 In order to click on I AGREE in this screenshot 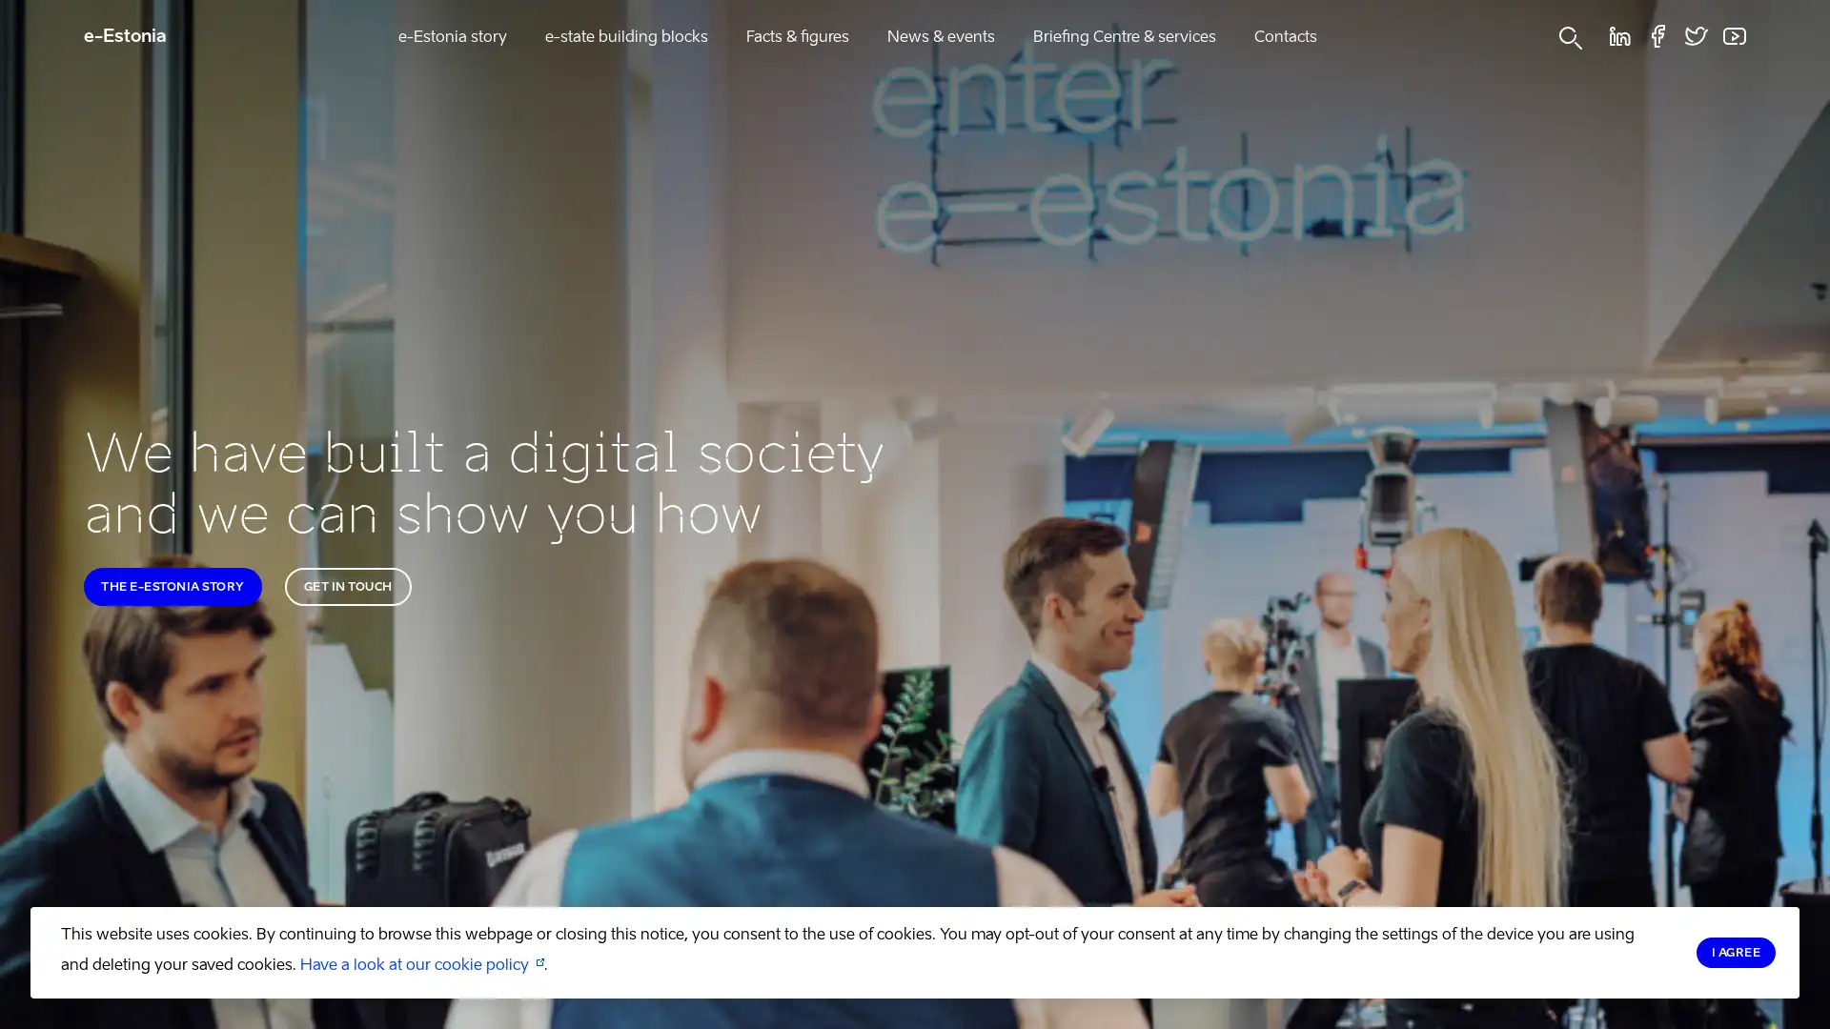, I will do `click(1735, 952)`.